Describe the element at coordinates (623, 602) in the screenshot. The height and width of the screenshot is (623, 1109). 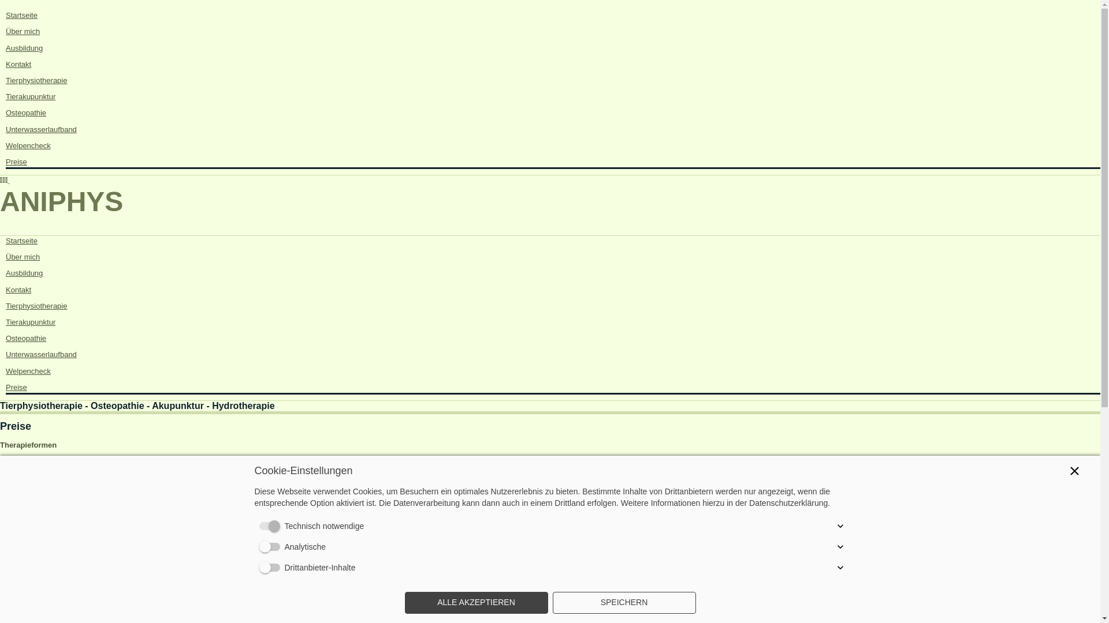
I see `'SPEICHERN'` at that location.